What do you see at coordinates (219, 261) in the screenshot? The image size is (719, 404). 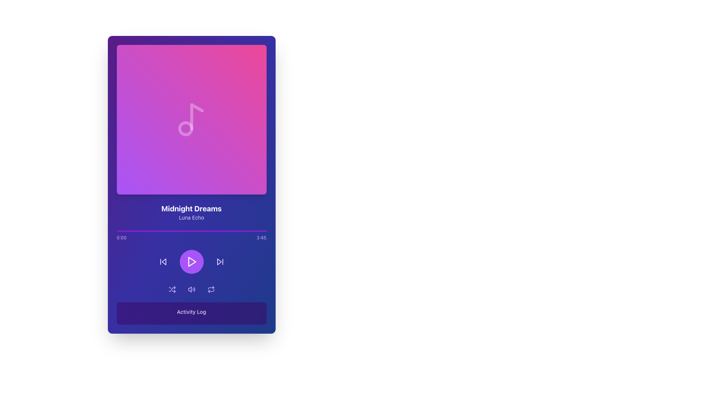 I see `the 'skip forward' button` at bounding box center [219, 261].